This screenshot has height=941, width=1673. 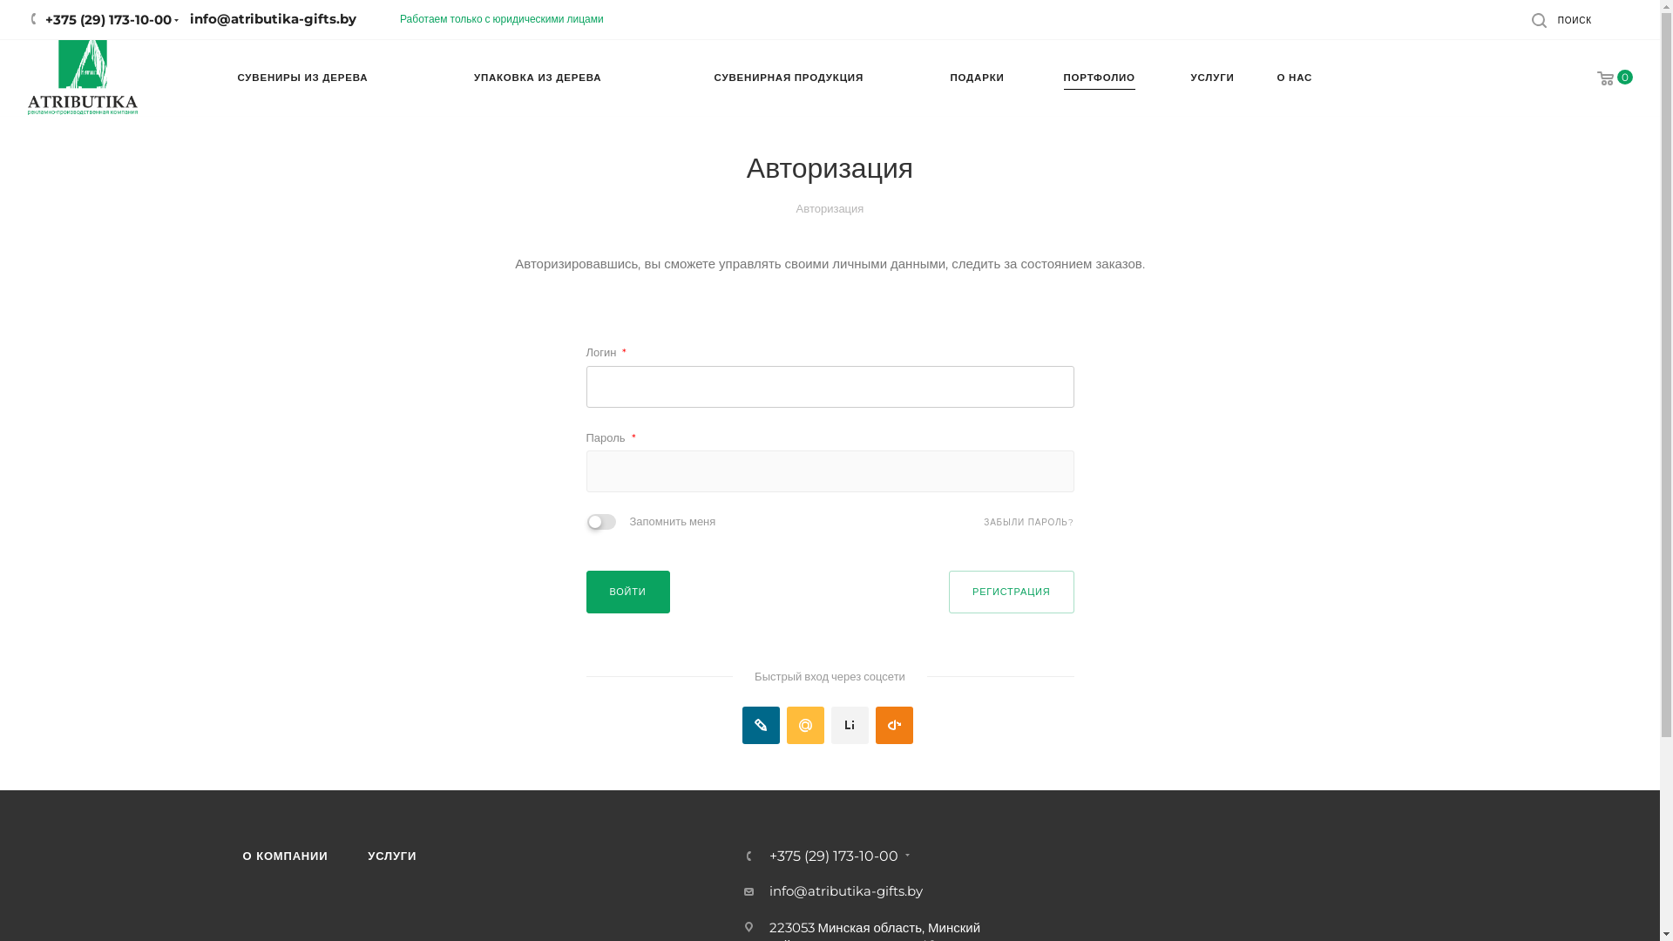 What do you see at coordinates (742, 725) in the screenshot?
I see `'Livejournal'` at bounding box center [742, 725].